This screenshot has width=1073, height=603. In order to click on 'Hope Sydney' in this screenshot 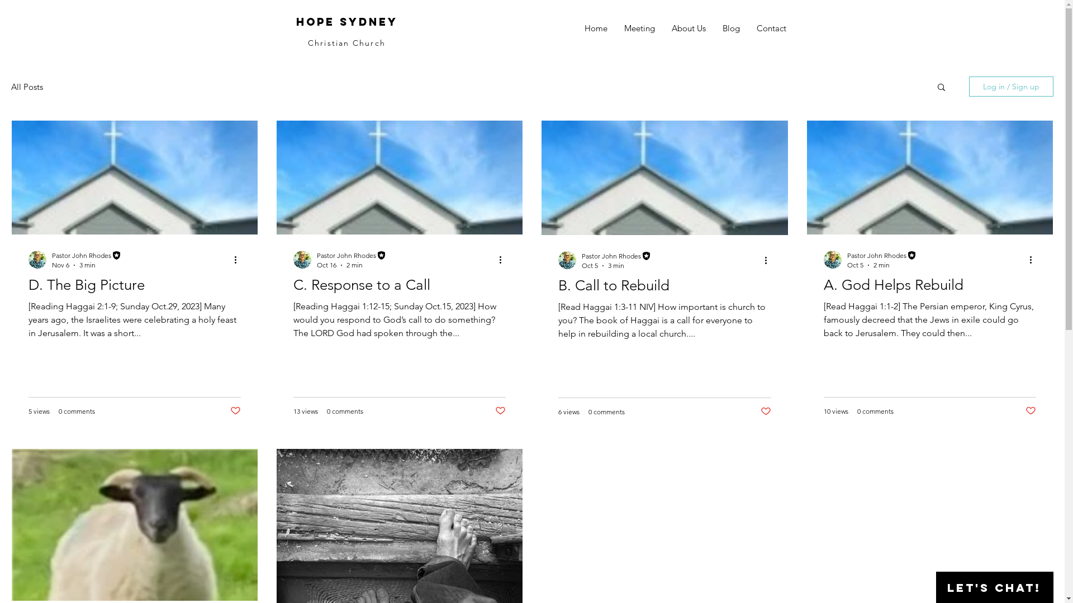, I will do `click(346, 21)`.